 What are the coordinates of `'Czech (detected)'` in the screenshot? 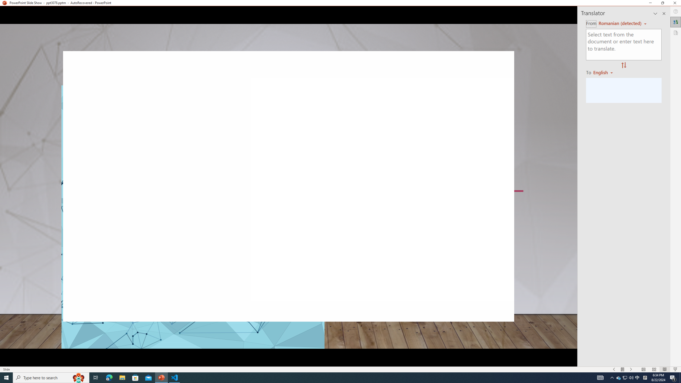 It's located at (619, 23).